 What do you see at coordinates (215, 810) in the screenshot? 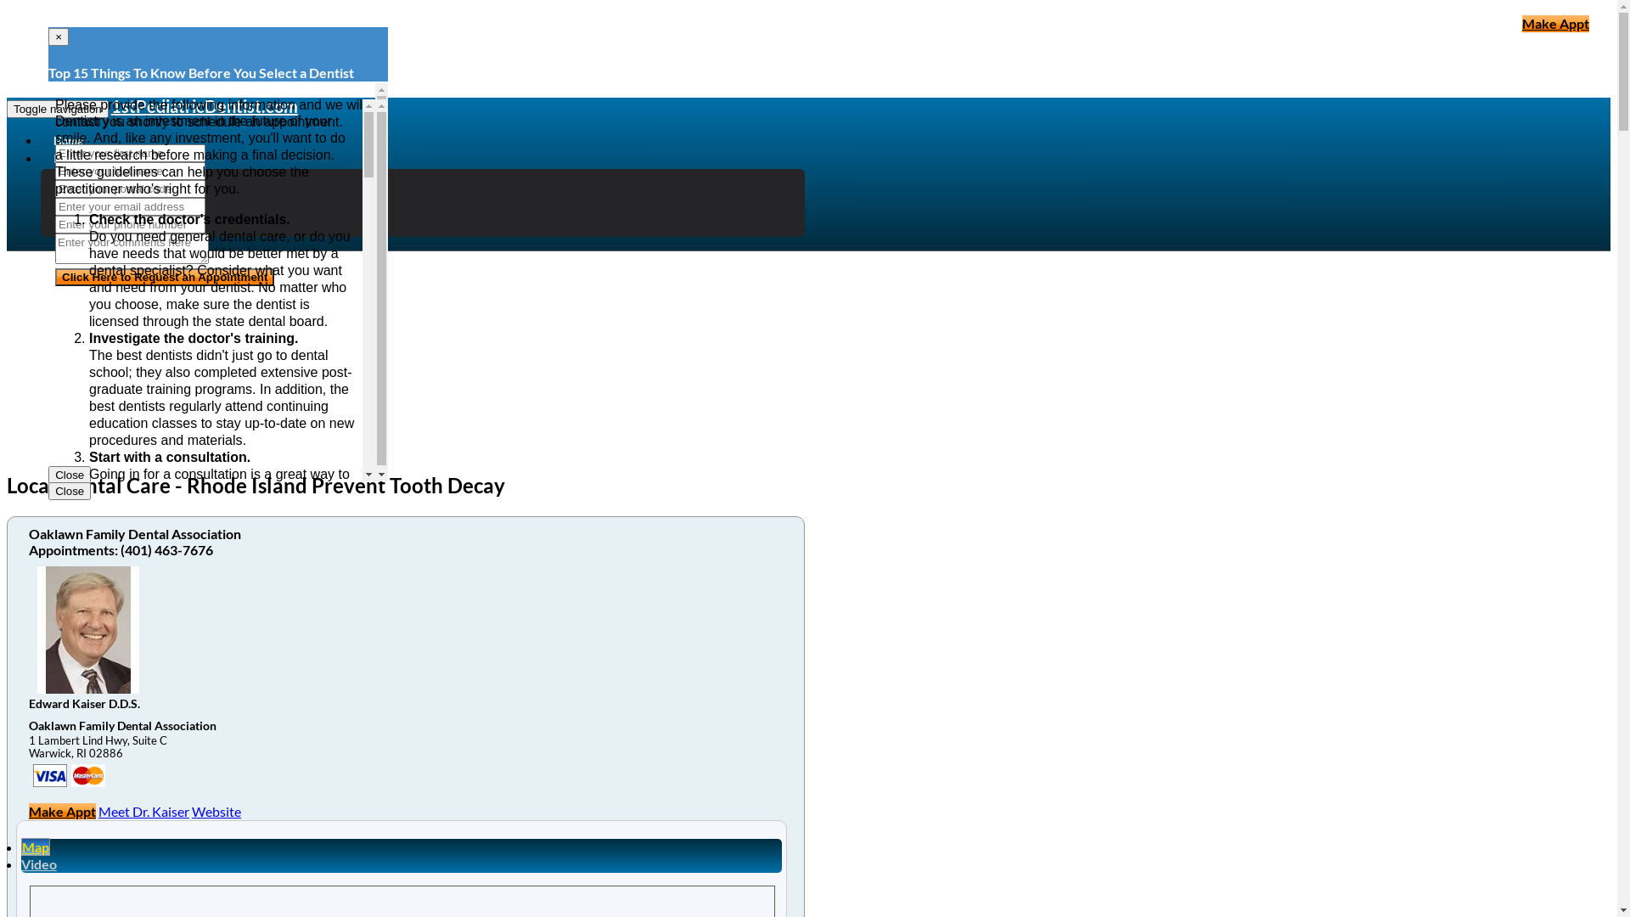
I see `'Website'` at bounding box center [215, 810].